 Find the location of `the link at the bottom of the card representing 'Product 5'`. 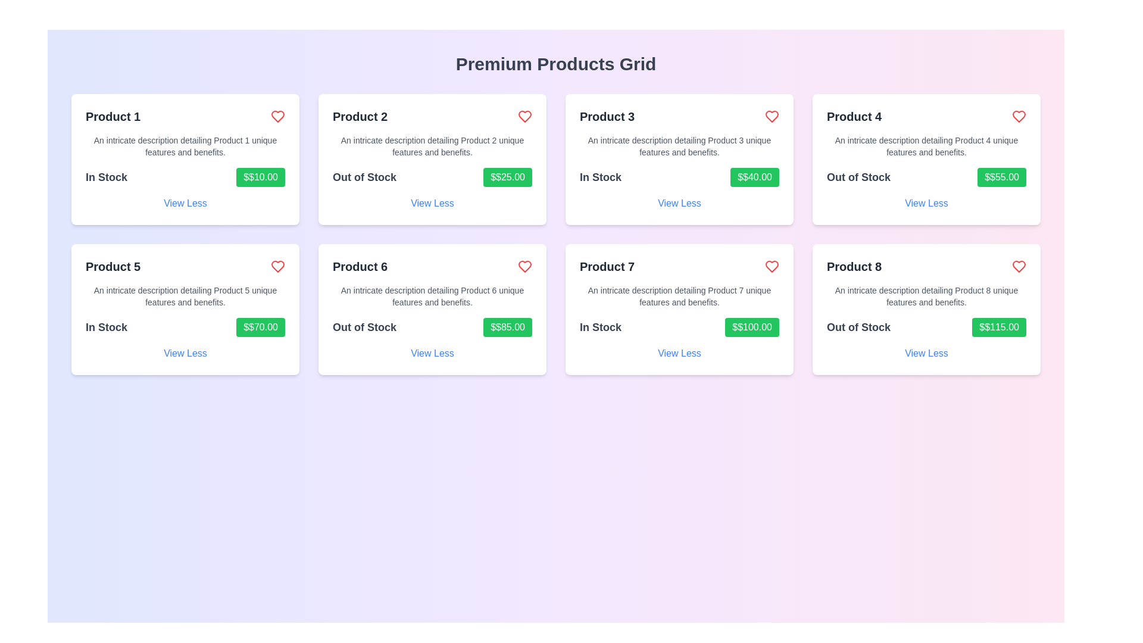

the link at the bottom of the card representing 'Product 5' is located at coordinates (185, 353).